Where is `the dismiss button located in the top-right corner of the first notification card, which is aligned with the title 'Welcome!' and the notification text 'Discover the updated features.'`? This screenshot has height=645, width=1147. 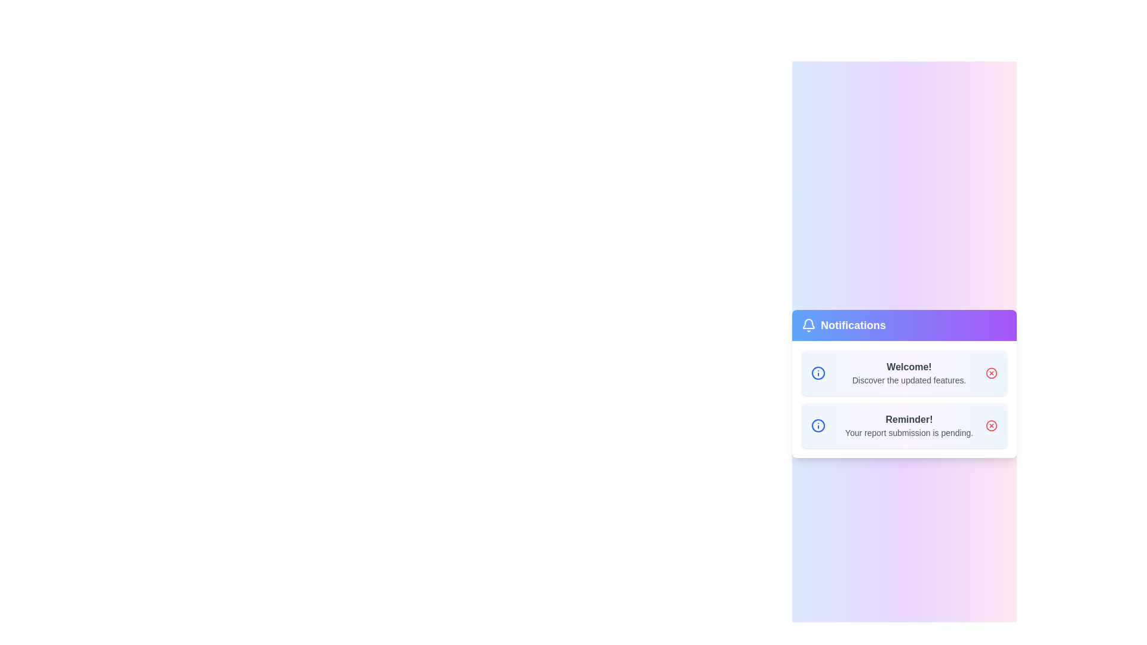 the dismiss button located in the top-right corner of the first notification card, which is aligned with the title 'Welcome!' and the notification text 'Discover the updated features.' is located at coordinates (992, 372).